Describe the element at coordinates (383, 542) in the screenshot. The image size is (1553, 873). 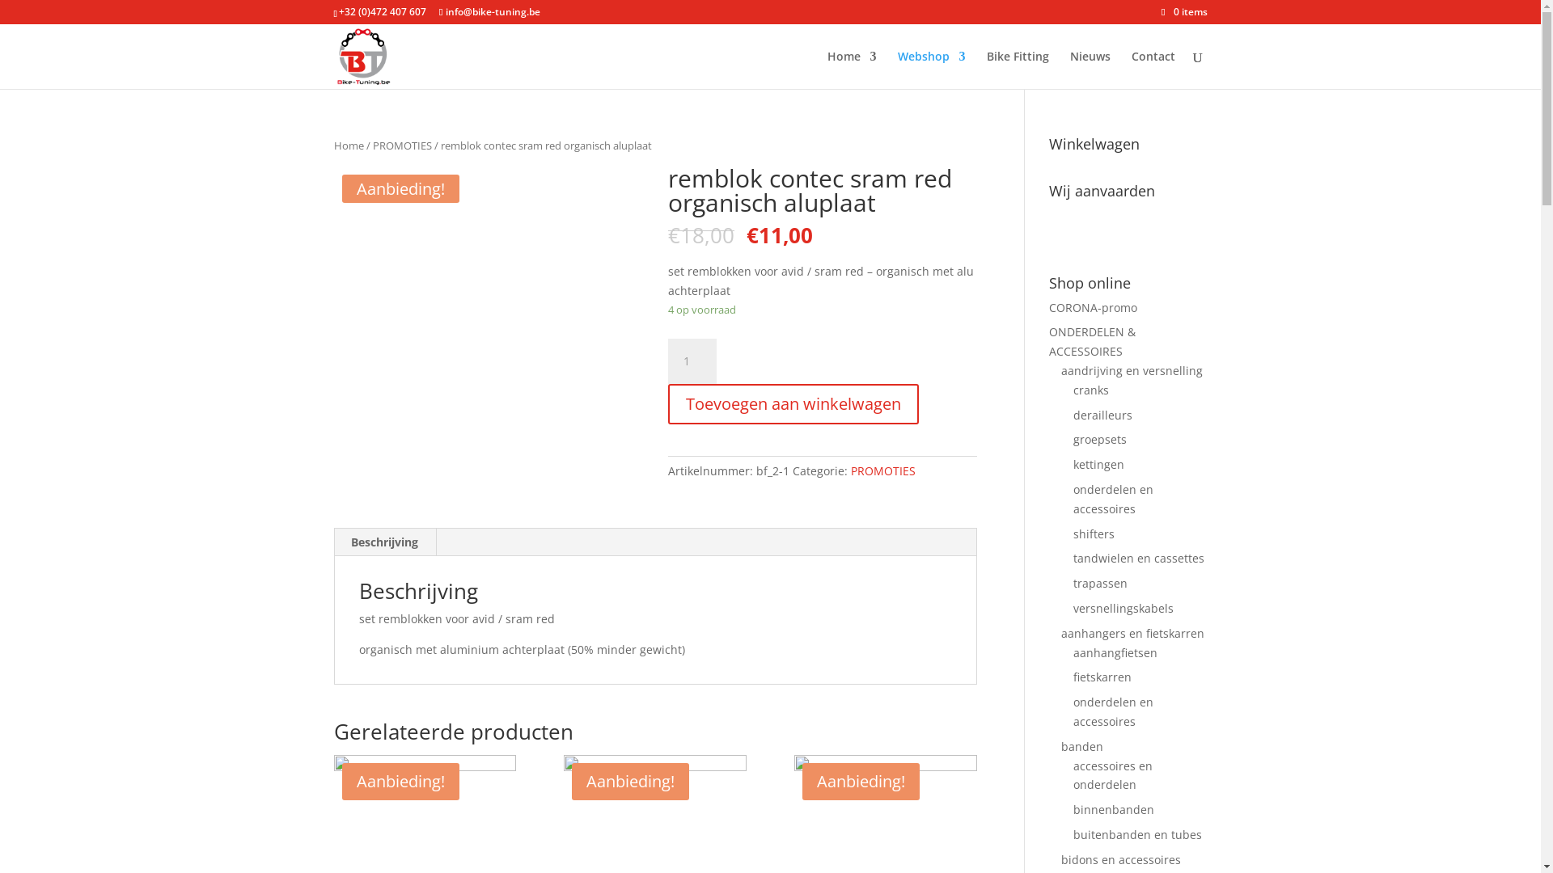
I see `'Beschrijving'` at that location.